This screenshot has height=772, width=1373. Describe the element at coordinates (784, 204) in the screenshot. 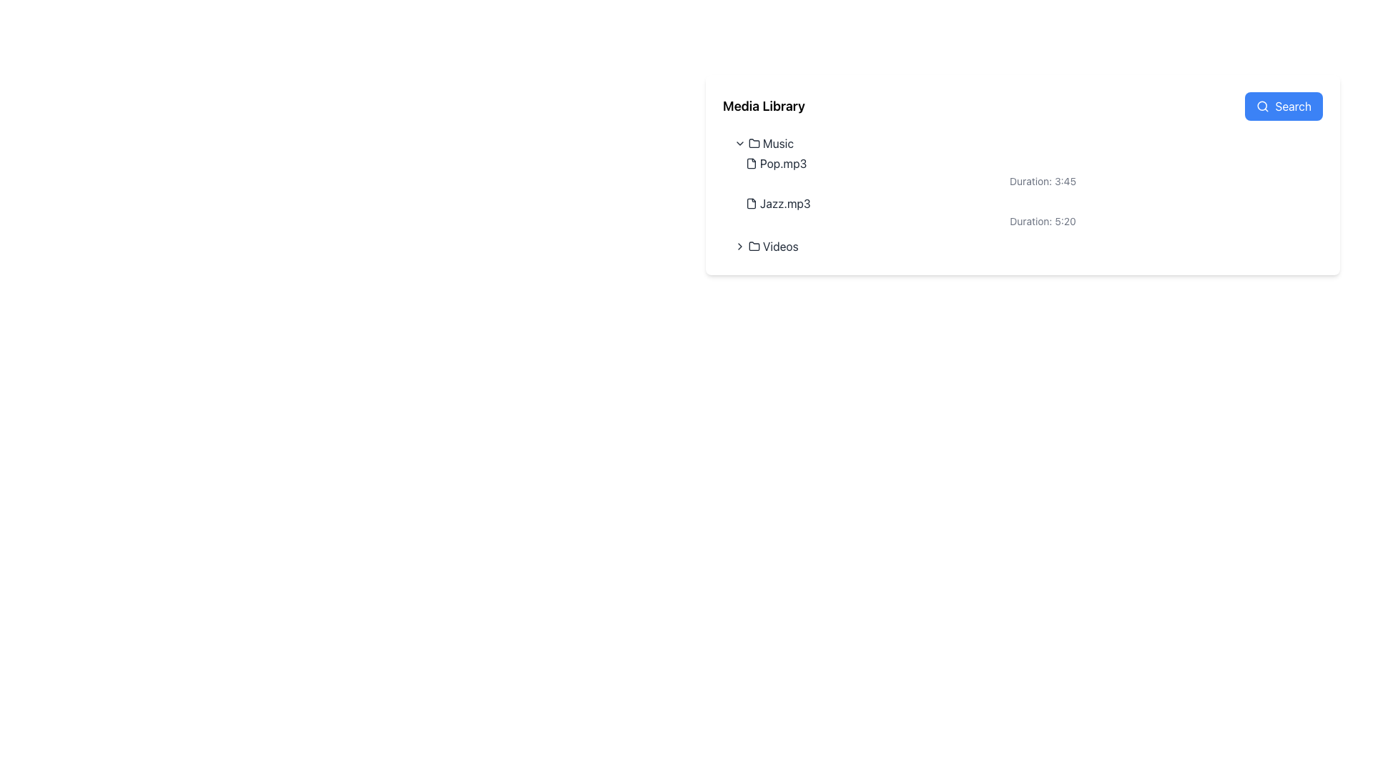

I see `the text label displaying 'Jazz.mp3'` at that location.